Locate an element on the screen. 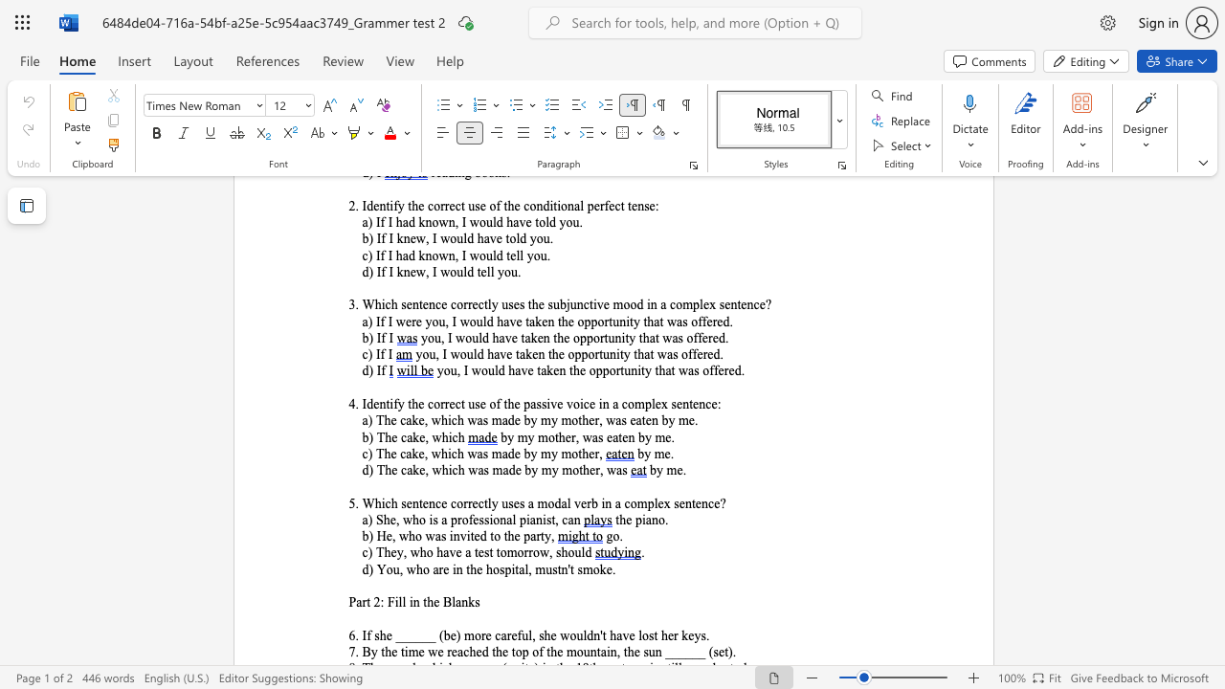 The height and width of the screenshot is (689, 1225). the subset text "he B" within the text "Part 2: Fill in the Blanks" is located at coordinates (426, 601).